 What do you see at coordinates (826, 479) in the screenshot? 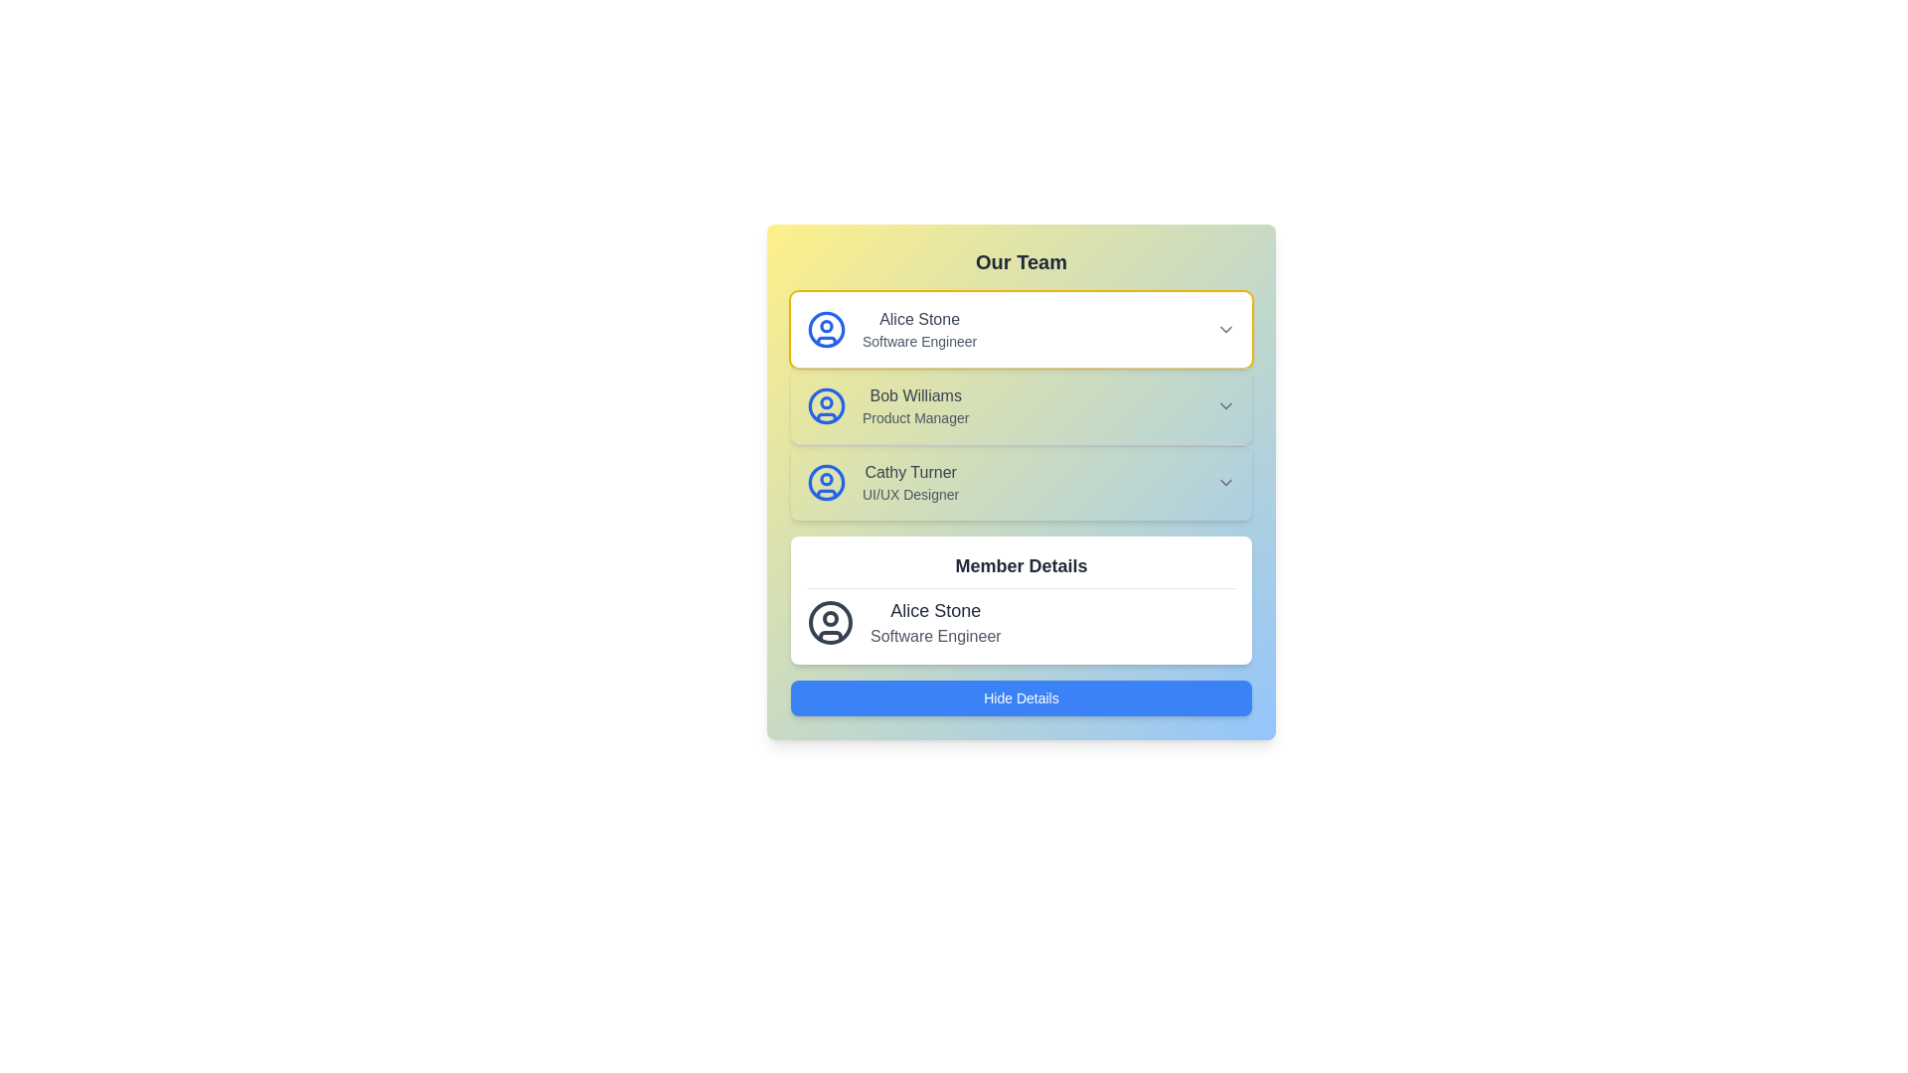
I see `topmost circular shape within the SVG avatar icon, which represents a head in the user avatar icon, located near the left side of the button containing a name and job title` at bounding box center [826, 479].